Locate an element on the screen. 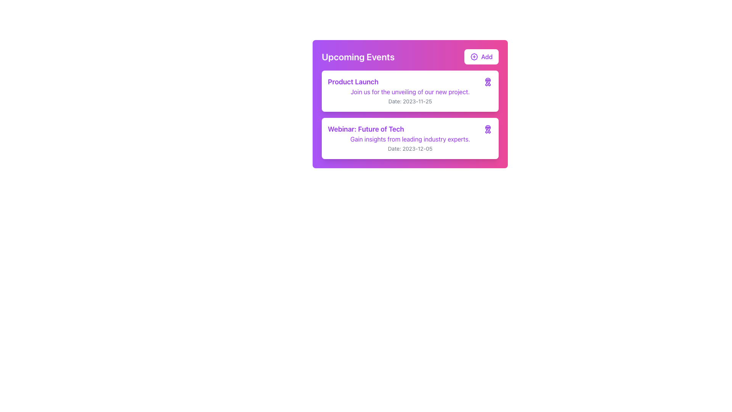 The width and height of the screenshot is (732, 412). the first static informational card displaying event information about the 'Product Launch' event, located in the 'Upcoming Events' section is located at coordinates (409, 91).